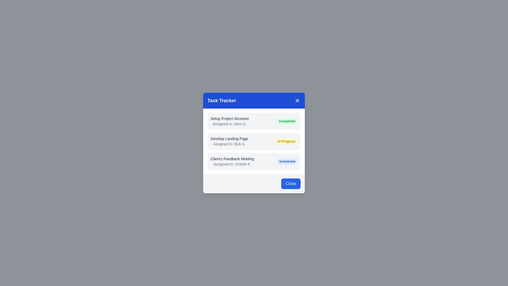 The image size is (508, 286). I want to click on close button in the footer of the TaskTrackingDialog, so click(291, 184).